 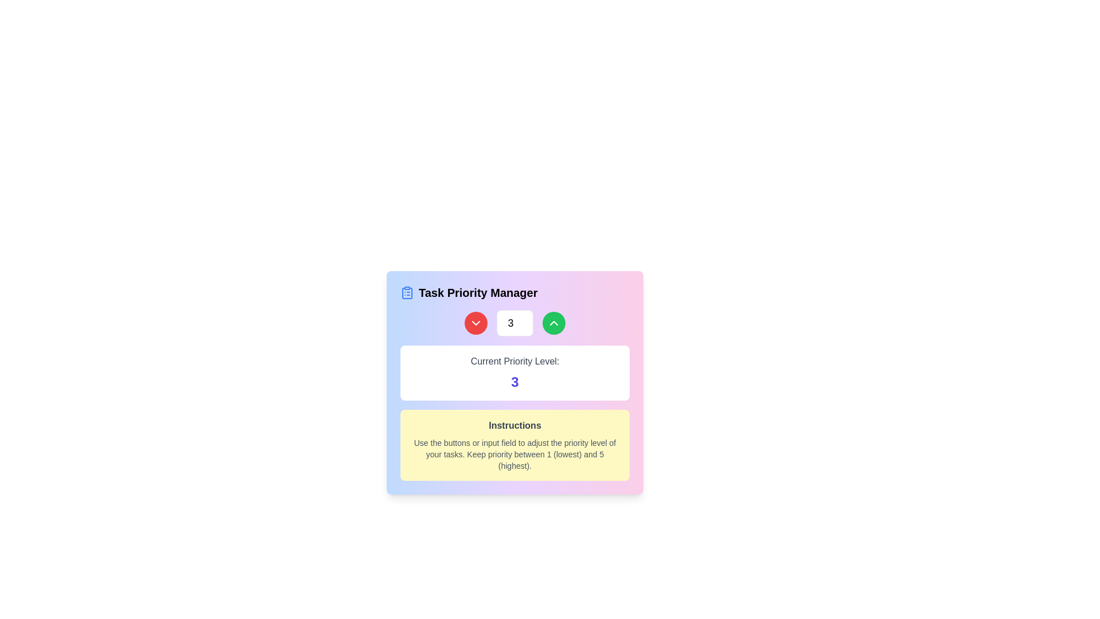 What do you see at coordinates (407, 293) in the screenshot?
I see `the 'Task Priority Manager' icon located in the header section, which is directly to the left of the text 'Task Priority Manager'` at bounding box center [407, 293].